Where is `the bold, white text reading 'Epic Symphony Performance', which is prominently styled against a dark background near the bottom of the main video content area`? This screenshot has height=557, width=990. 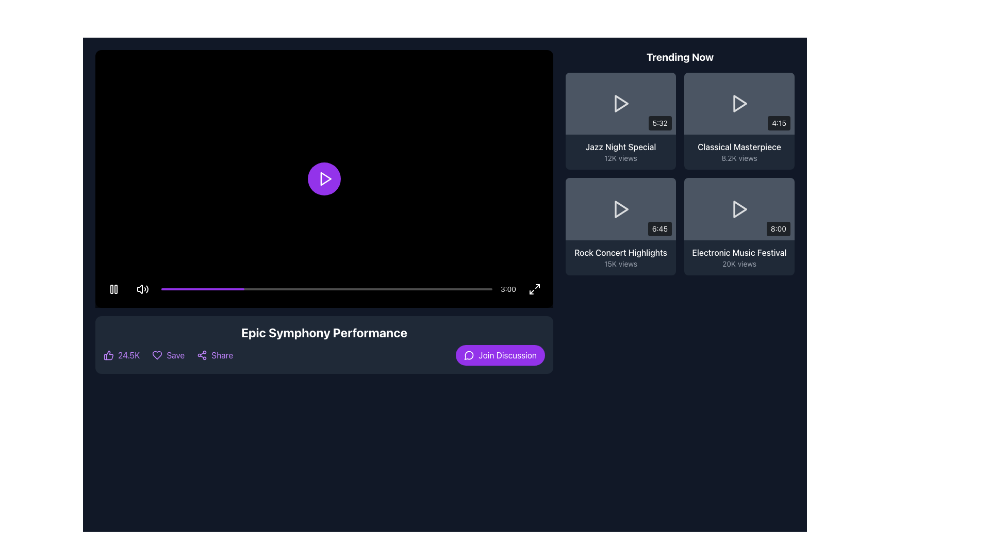 the bold, white text reading 'Epic Symphony Performance', which is prominently styled against a dark background near the bottom of the main video content area is located at coordinates (323, 332).